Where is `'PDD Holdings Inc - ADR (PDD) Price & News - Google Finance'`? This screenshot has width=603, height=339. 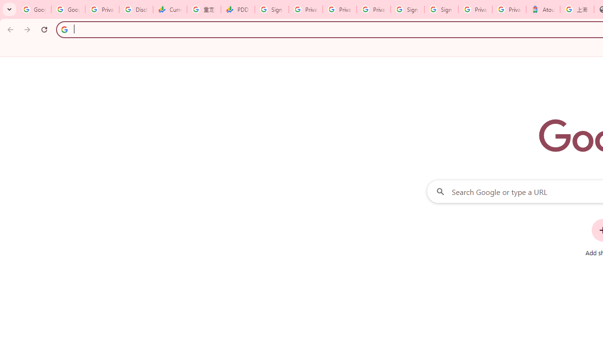
'PDD Holdings Inc - ADR (PDD) Price & News - Google Finance' is located at coordinates (237, 9).